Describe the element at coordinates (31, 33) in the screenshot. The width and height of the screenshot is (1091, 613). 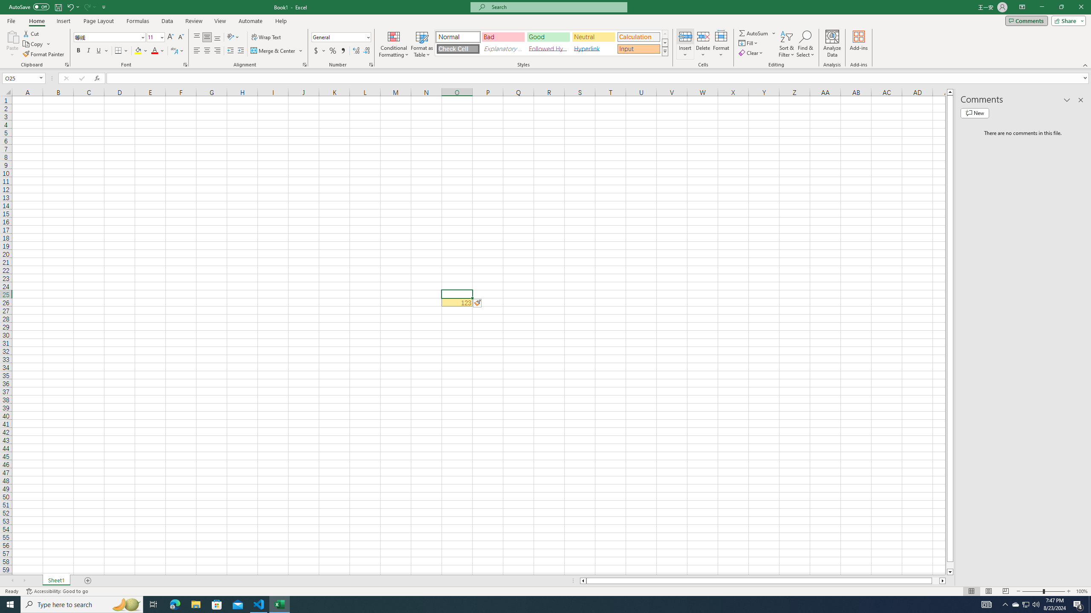
I see `'Cut'` at that location.